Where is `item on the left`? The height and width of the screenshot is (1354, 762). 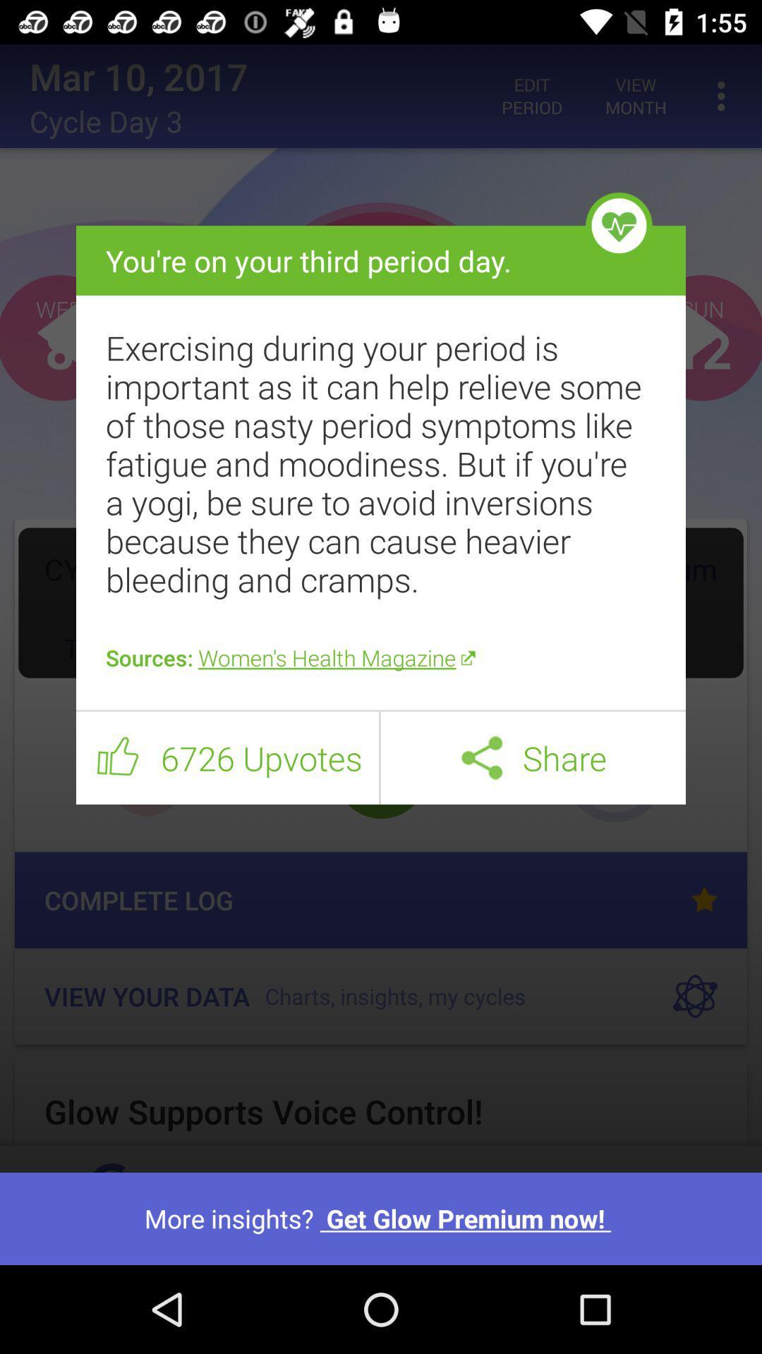
item on the left is located at coordinates (117, 757).